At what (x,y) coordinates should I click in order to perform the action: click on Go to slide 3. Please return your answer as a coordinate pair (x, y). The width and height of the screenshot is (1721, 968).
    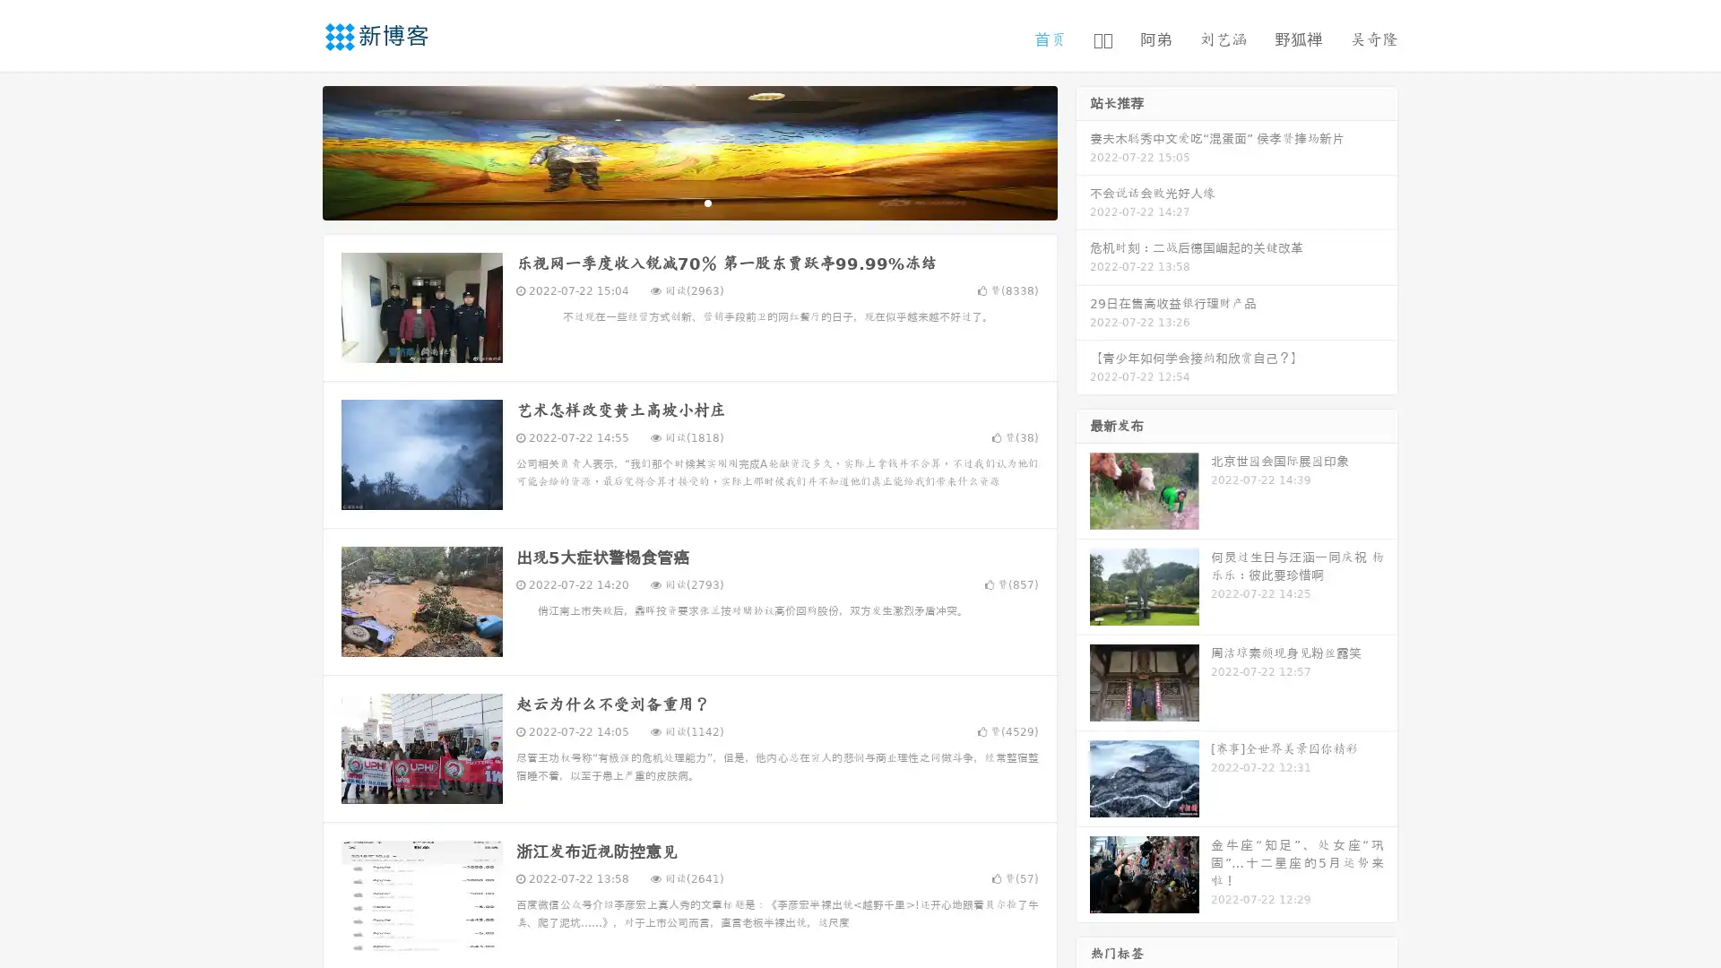
    Looking at the image, I should click on (707, 202).